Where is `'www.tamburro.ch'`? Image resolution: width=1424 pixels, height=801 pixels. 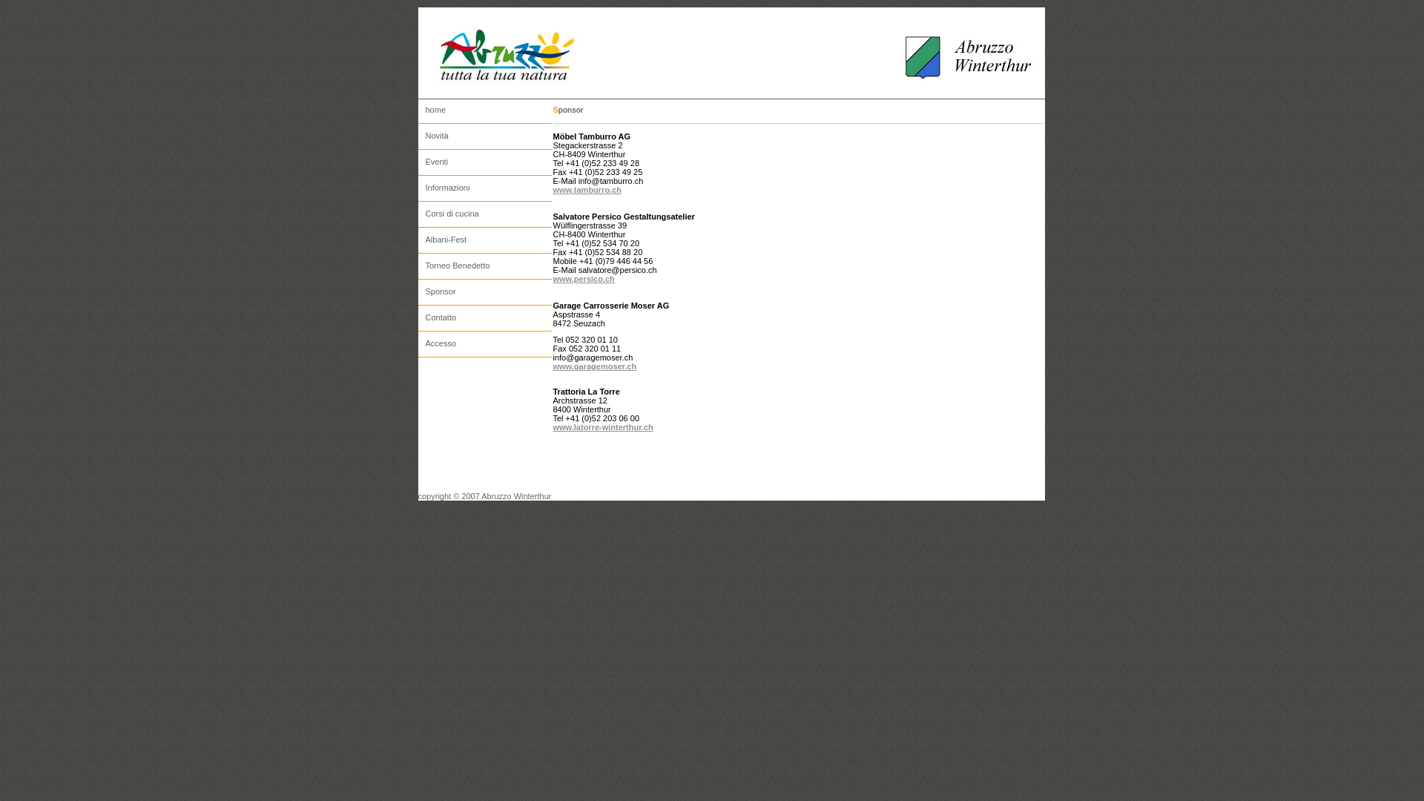 'www.tamburro.ch' is located at coordinates (587, 188).